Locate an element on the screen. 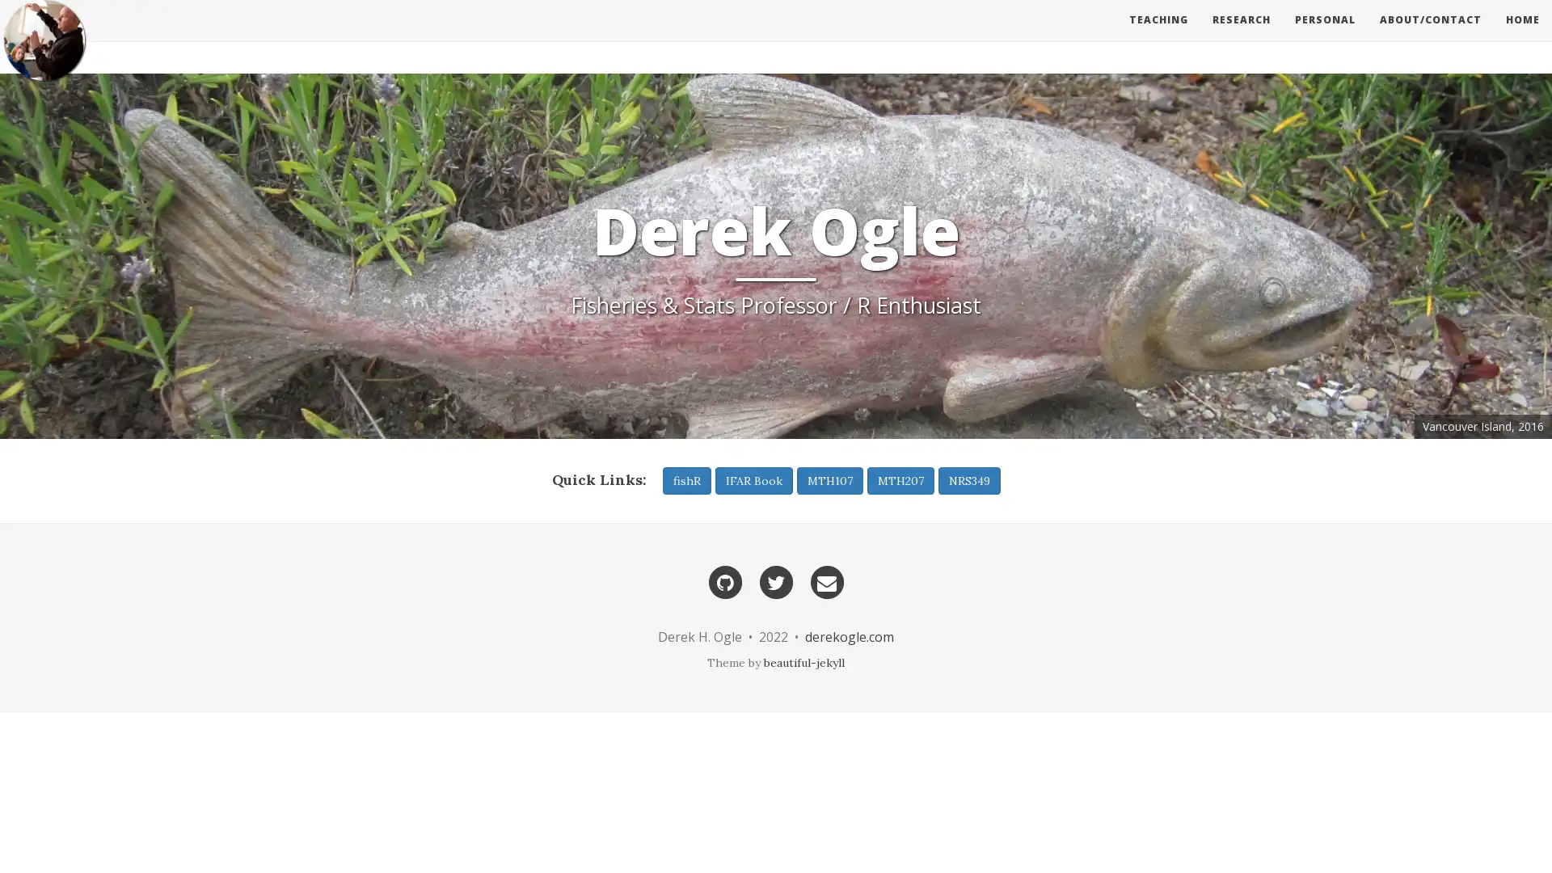 The image size is (1552, 873). NRS349 is located at coordinates (968, 479).